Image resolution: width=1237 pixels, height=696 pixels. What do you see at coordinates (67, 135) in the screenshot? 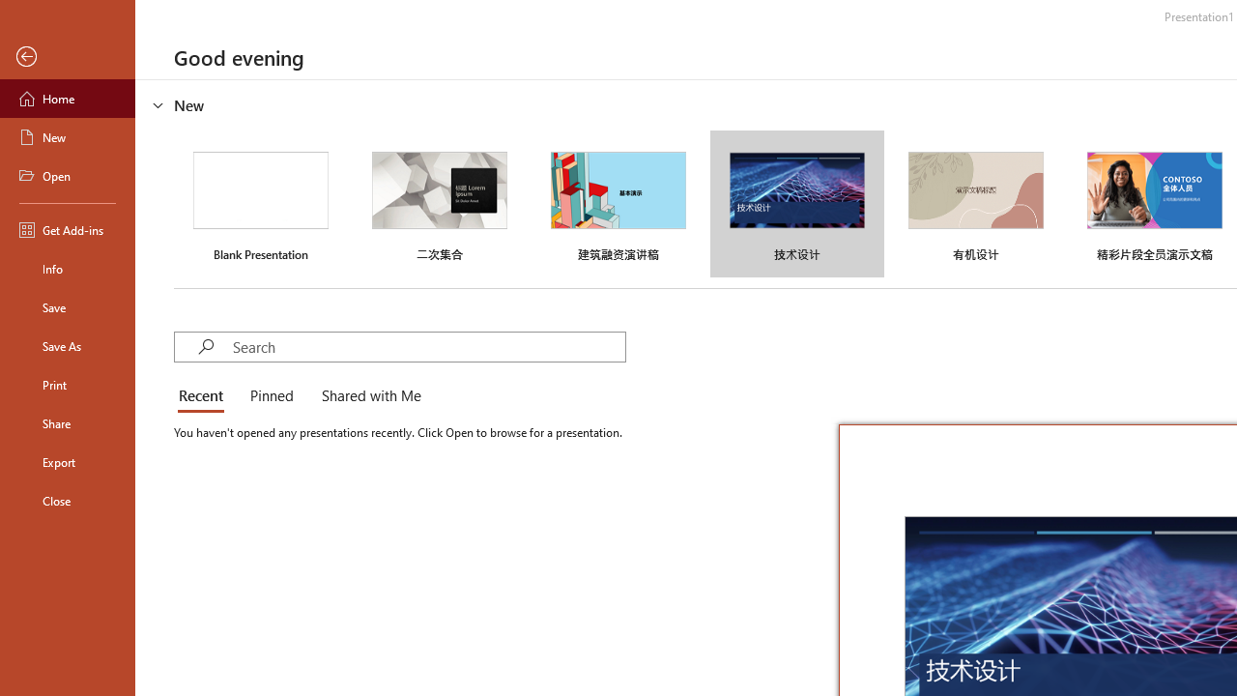
I see `'New'` at bounding box center [67, 135].